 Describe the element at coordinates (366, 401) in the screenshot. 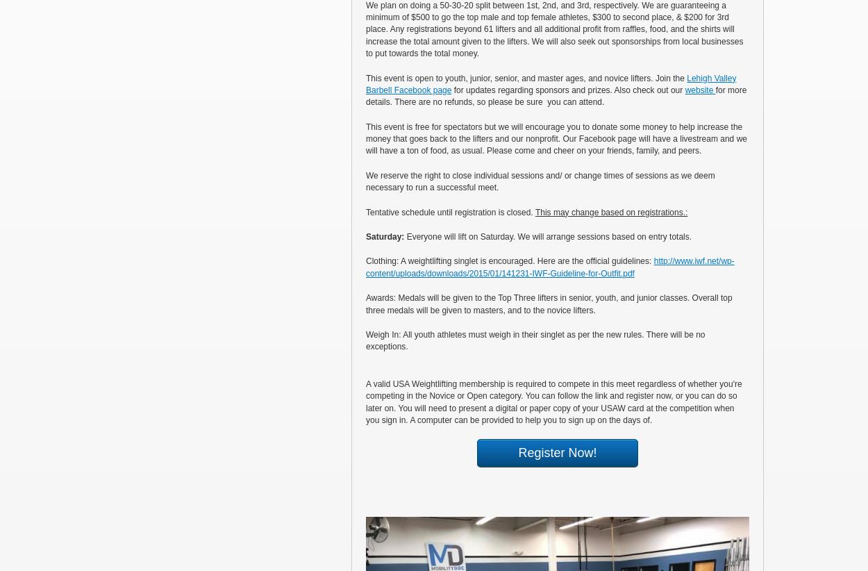

I see `'A valid USA Weightlifting membership is required to compete in this meet regardless of whether you're competing in the Novice or Open category. You can follow the link and register now, or you can do so later on. You will need to present a digital or paper copy of your USAW card at the competition when you sign in. A computer can be provided to help you to sign up on the days of.'` at that location.